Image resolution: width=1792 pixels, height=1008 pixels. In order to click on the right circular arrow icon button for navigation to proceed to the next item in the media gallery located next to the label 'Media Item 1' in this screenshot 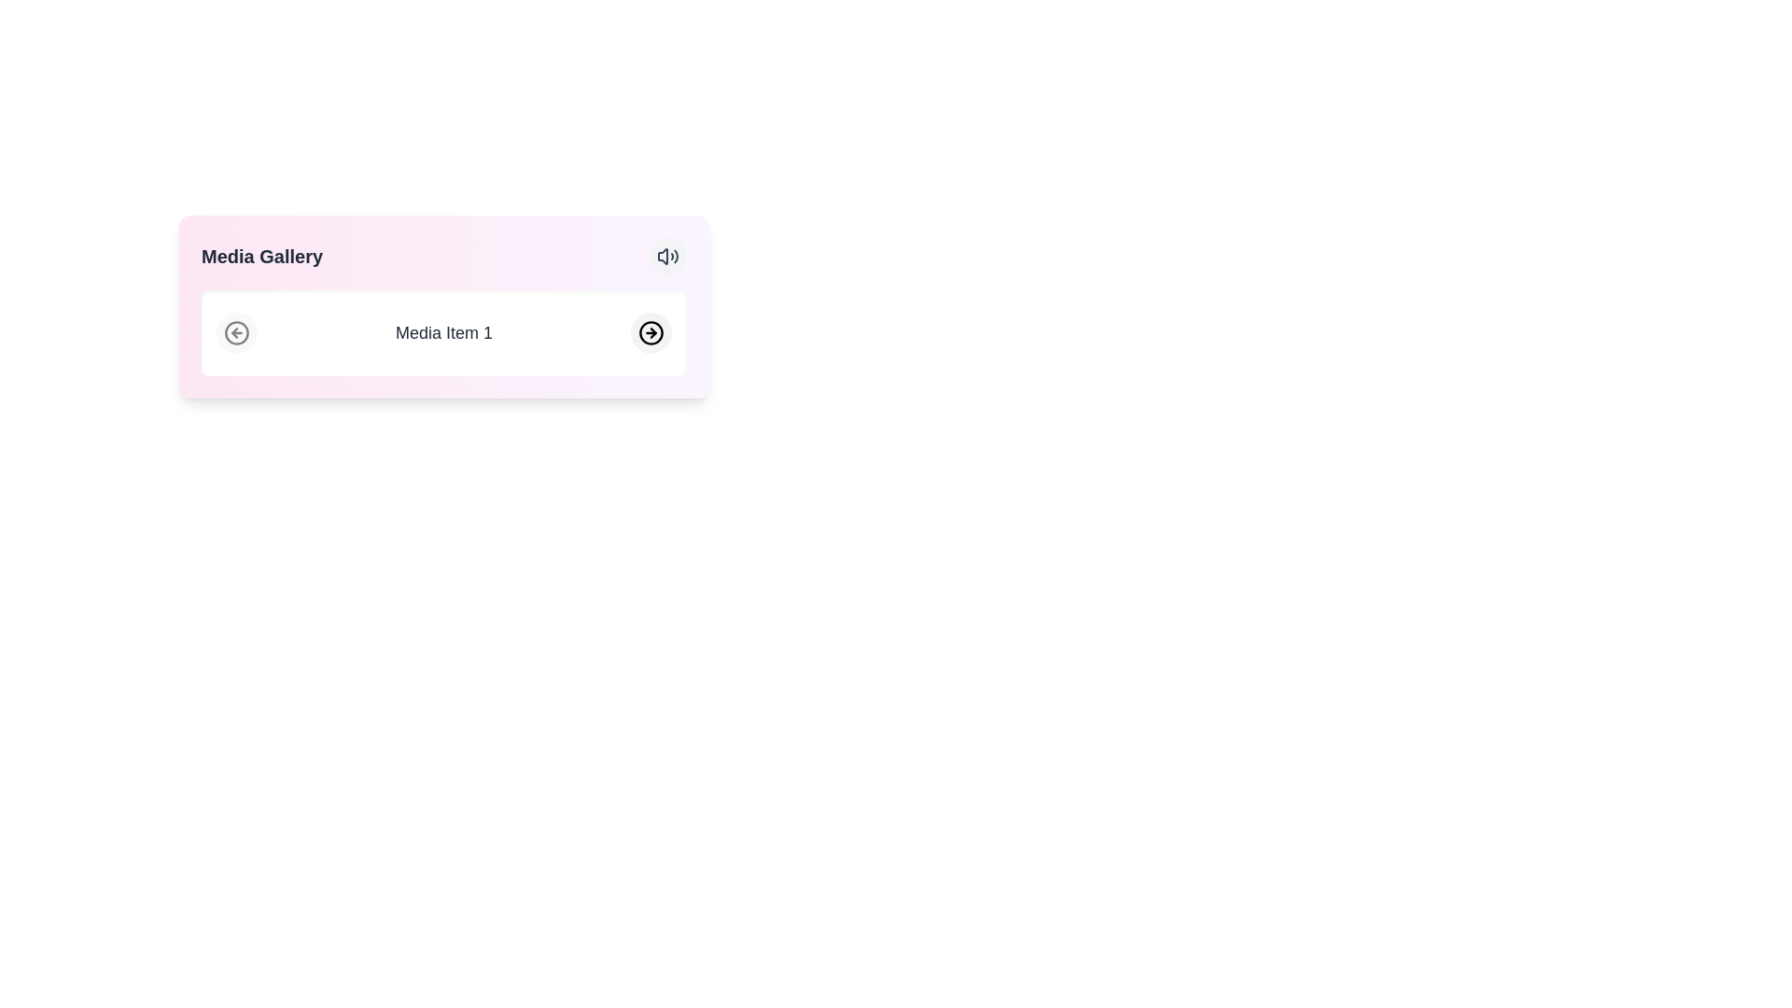, I will do `click(651, 332)`.